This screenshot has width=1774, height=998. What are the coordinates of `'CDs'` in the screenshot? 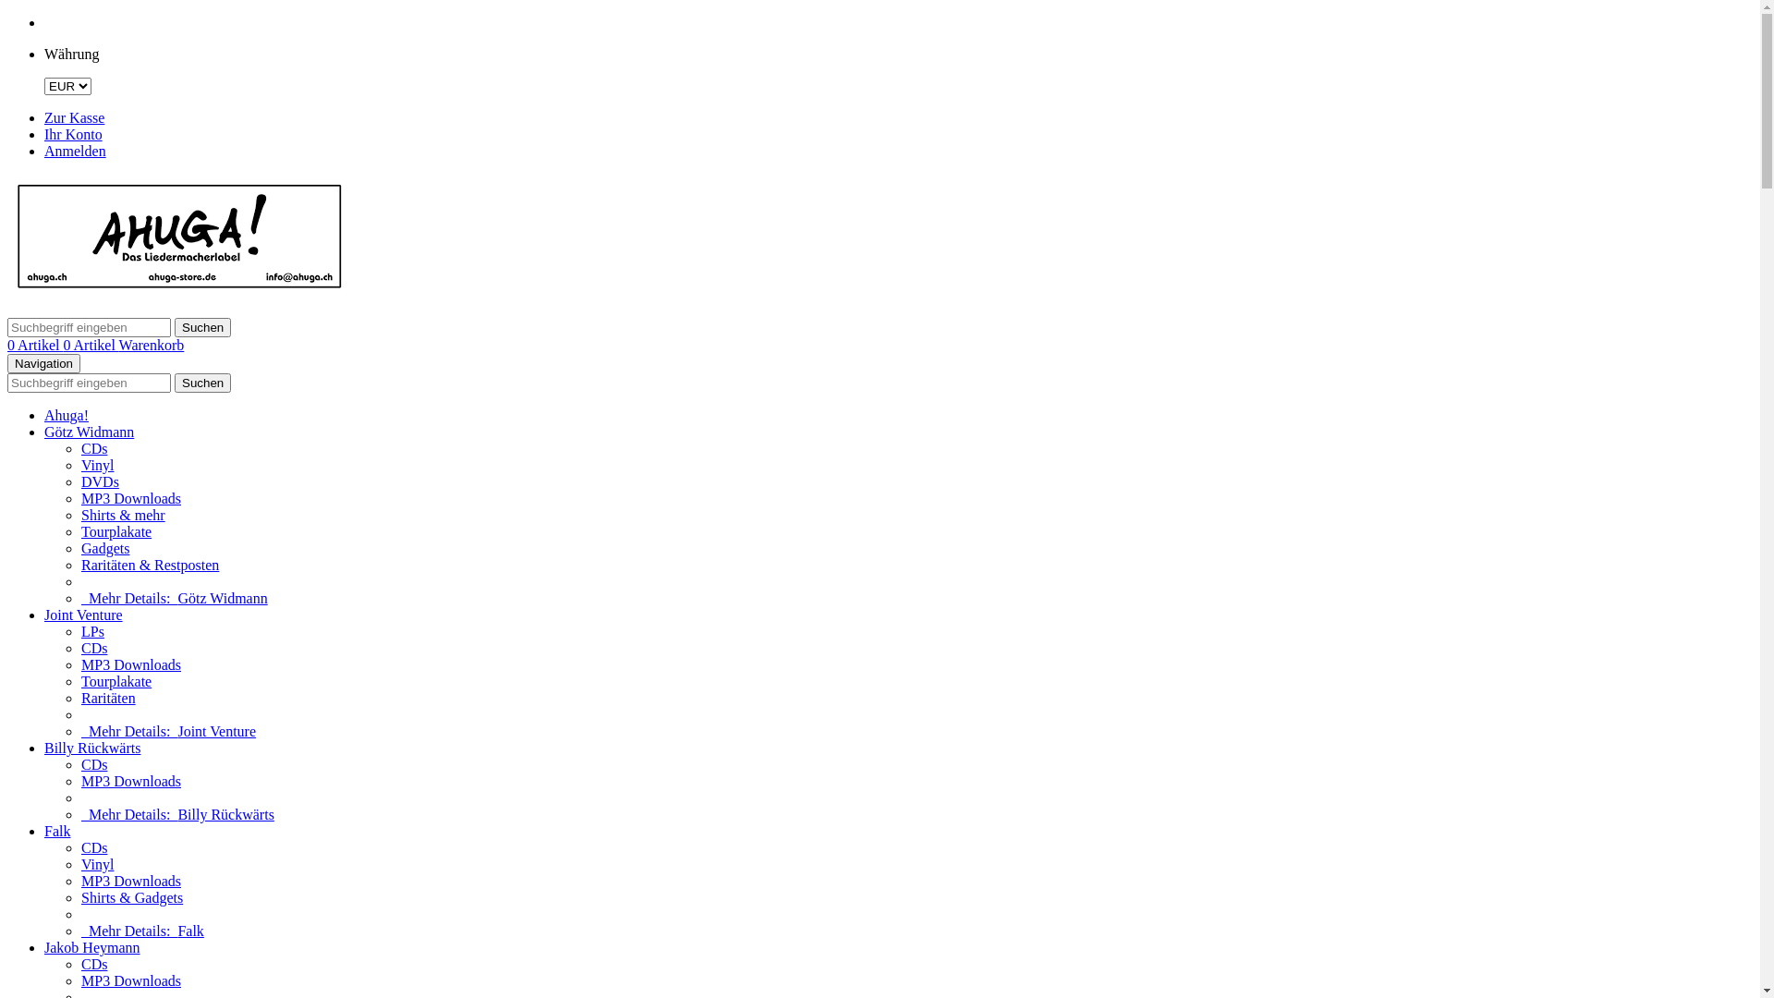 It's located at (92, 963).